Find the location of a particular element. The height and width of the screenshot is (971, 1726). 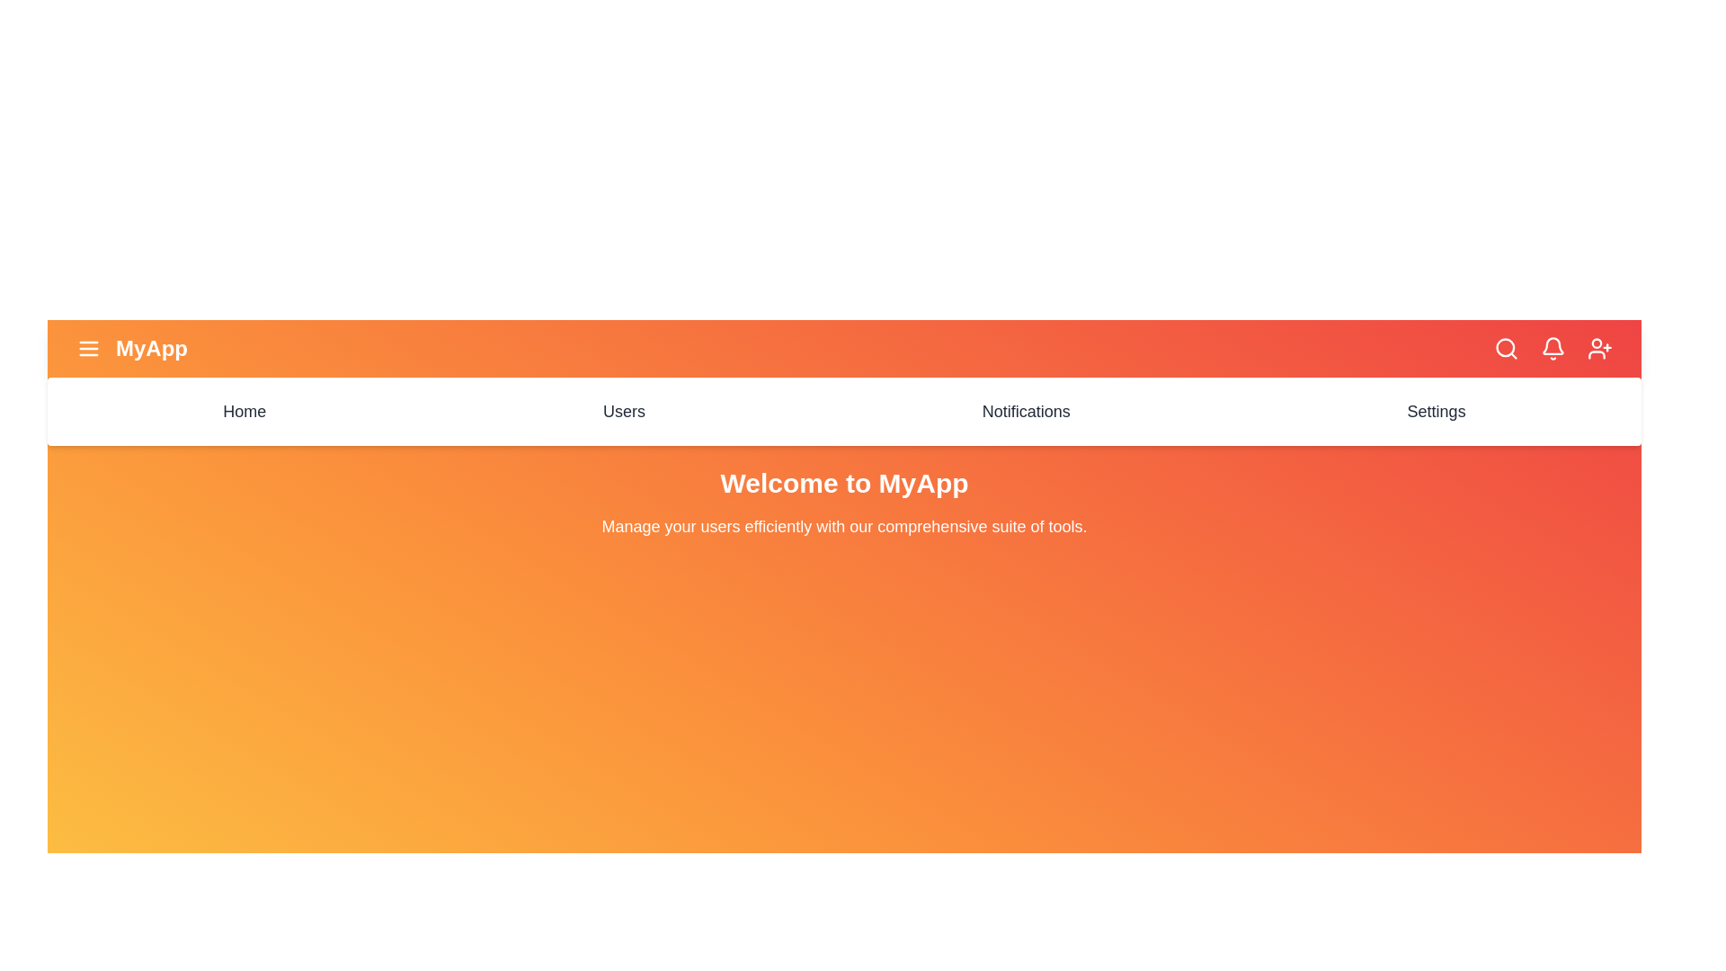

the menu item Home is located at coordinates (244, 412).